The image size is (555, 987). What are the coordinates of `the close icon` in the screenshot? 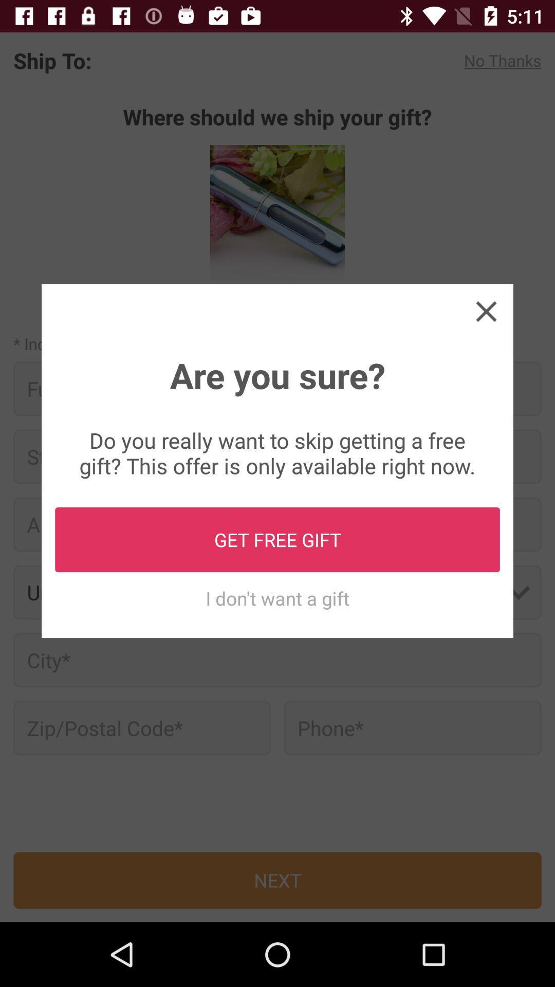 It's located at (486, 310).